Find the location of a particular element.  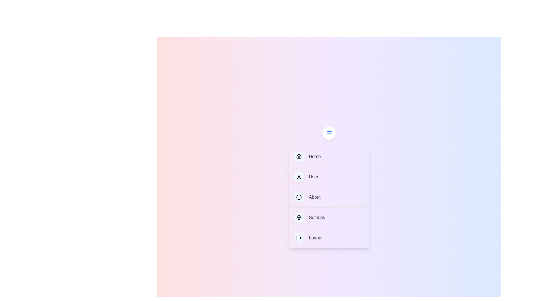

the menu item labeled Logout is located at coordinates (329, 238).